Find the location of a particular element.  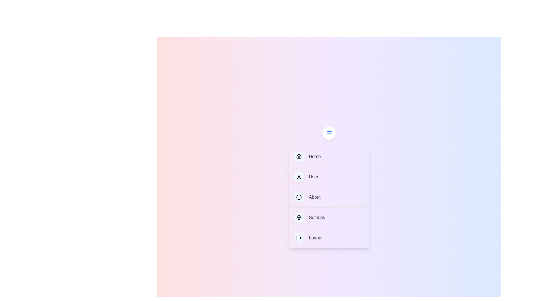

the menu item labeled Logout is located at coordinates (329, 238).